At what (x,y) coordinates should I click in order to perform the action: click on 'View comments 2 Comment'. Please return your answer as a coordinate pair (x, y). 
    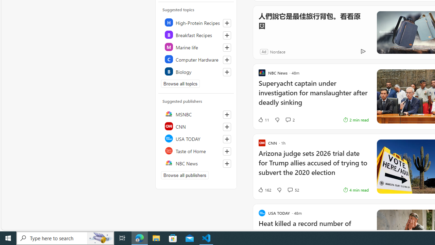
    Looking at the image, I should click on (290, 119).